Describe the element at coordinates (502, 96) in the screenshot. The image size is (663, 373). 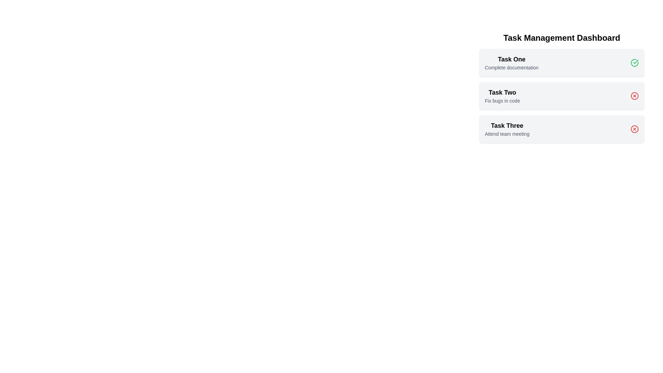
I see `the list item Task Two to inspect its hover effect` at that location.